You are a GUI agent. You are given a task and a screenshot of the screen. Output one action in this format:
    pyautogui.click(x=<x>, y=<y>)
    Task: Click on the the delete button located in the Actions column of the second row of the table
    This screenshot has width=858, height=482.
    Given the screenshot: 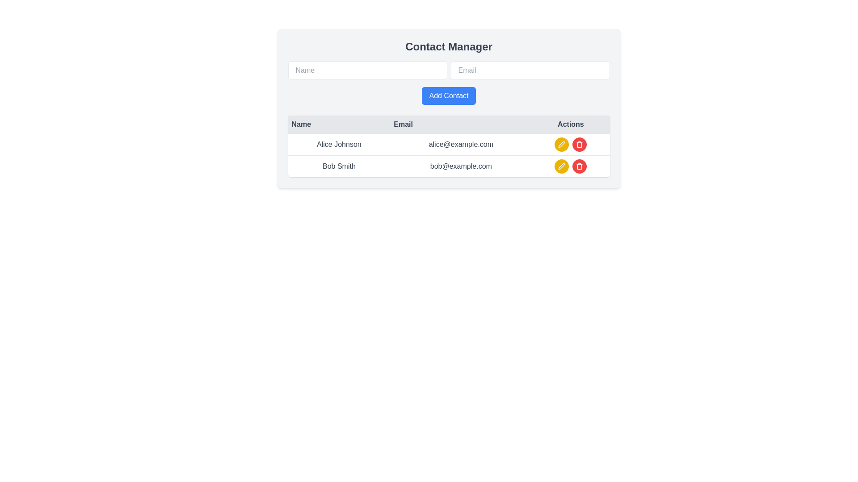 What is the action you would take?
    pyautogui.click(x=580, y=166)
    